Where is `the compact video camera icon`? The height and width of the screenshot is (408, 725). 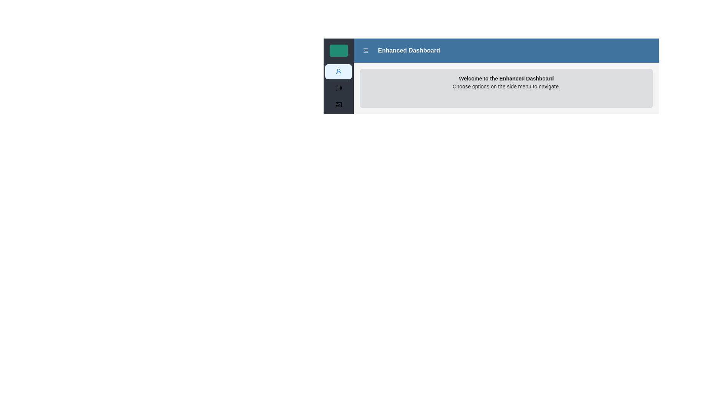
the compact video camera icon is located at coordinates (338, 87).